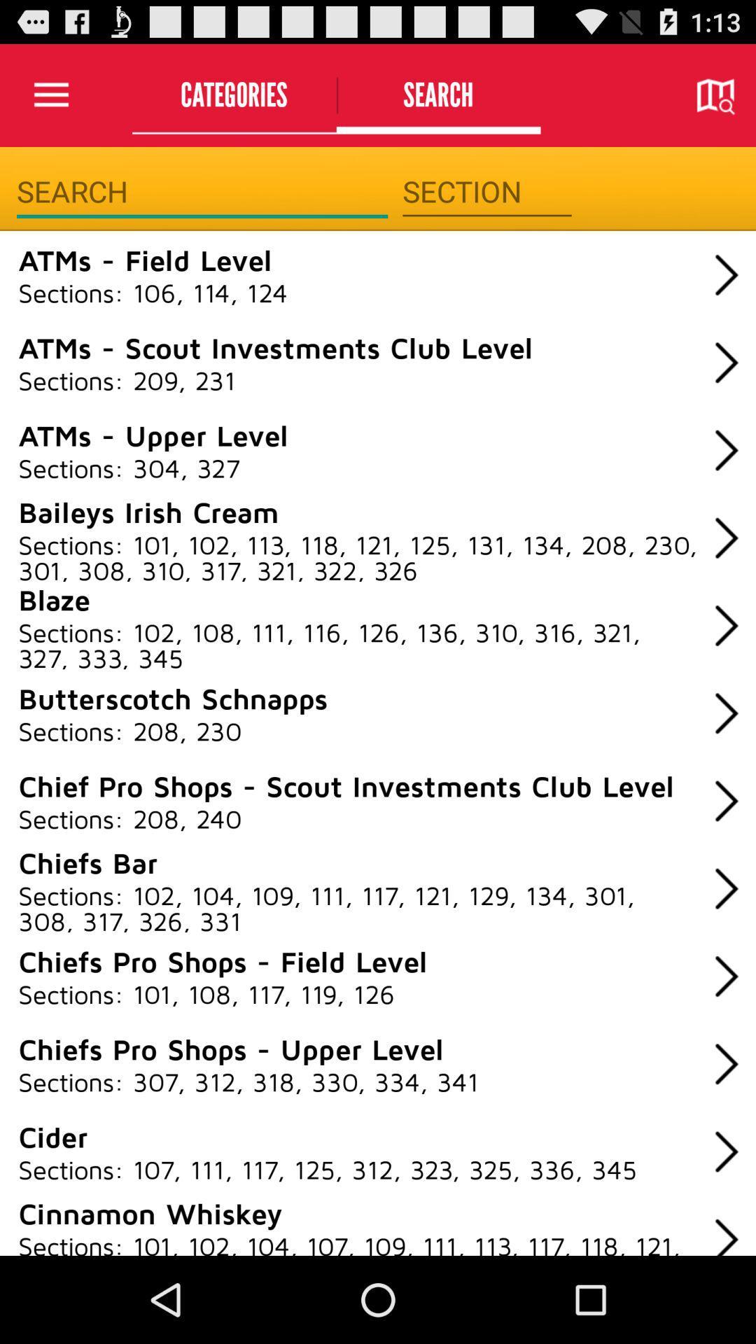 The height and width of the screenshot is (1344, 756). Describe the element at coordinates (53, 599) in the screenshot. I see `blaze` at that location.